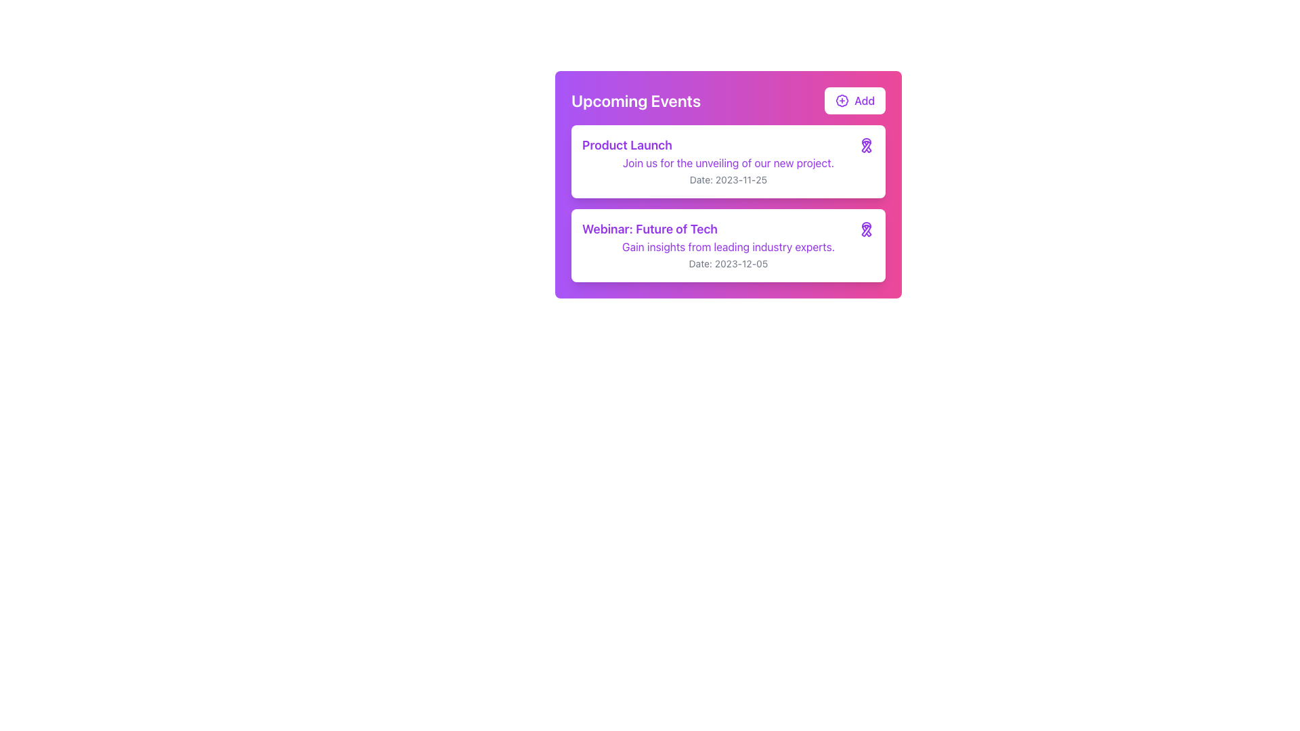  Describe the element at coordinates (867, 229) in the screenshot. I see `the second ribbon-shaped icon with a purple outline located on the right side of the 'Webinar: Future of Tech' item in the list of upcoming events` at that location.